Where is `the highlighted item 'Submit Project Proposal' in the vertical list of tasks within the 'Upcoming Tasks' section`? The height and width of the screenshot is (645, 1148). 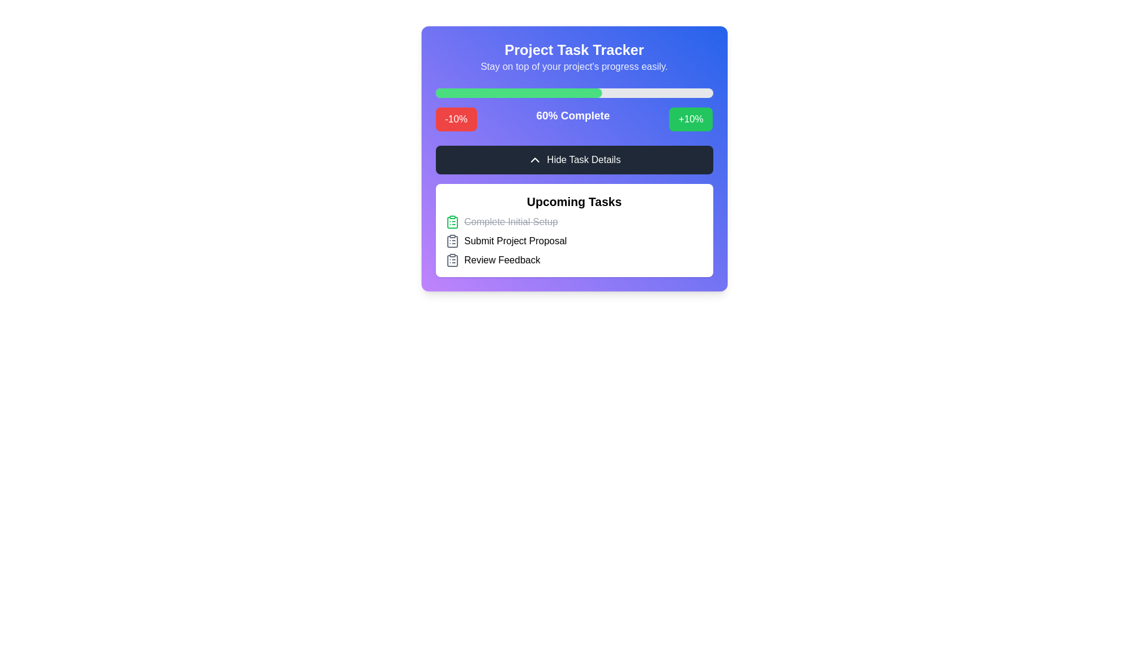 the highlighted item 'Submit Project Proposal' in the vertical list of tasks within the 'Upcoming Tasks' section is located at coordinates (574, 241).